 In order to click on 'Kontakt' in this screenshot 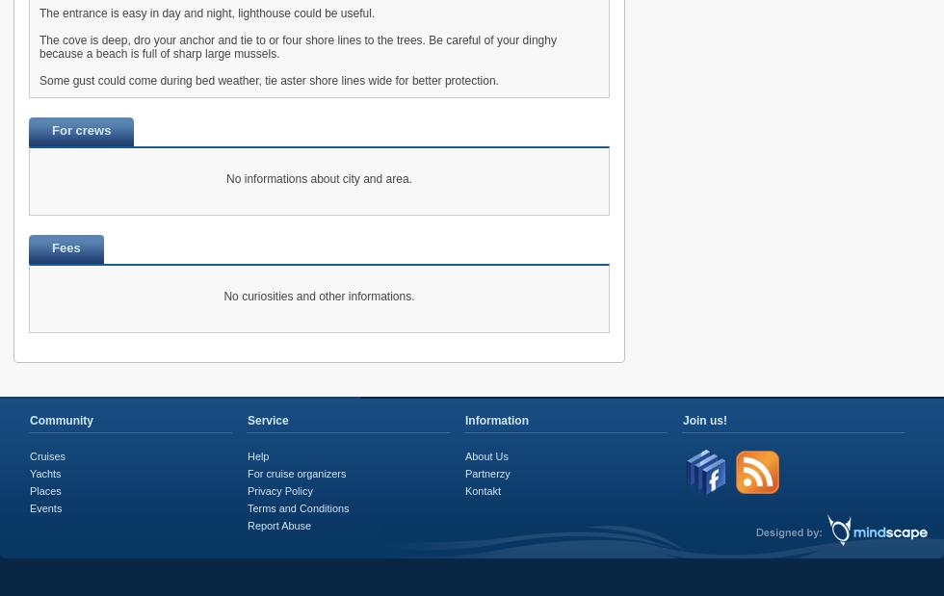, I will do `click(482, 489)`.